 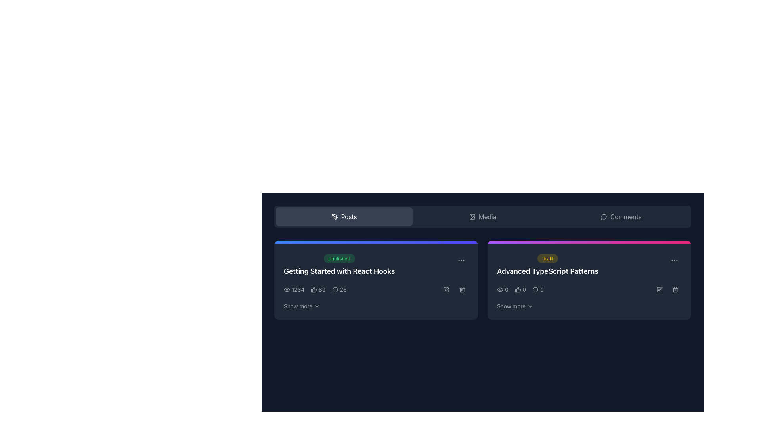 What do you see at coordinates (520, 290) in the screenshot?
I see `the thumbs-up icon in the grouped UI composition displaying the like count for the card labeled 'Advanced TypeScript Patterns' to increment or register a 'like'` at bounding box center [520, 290].